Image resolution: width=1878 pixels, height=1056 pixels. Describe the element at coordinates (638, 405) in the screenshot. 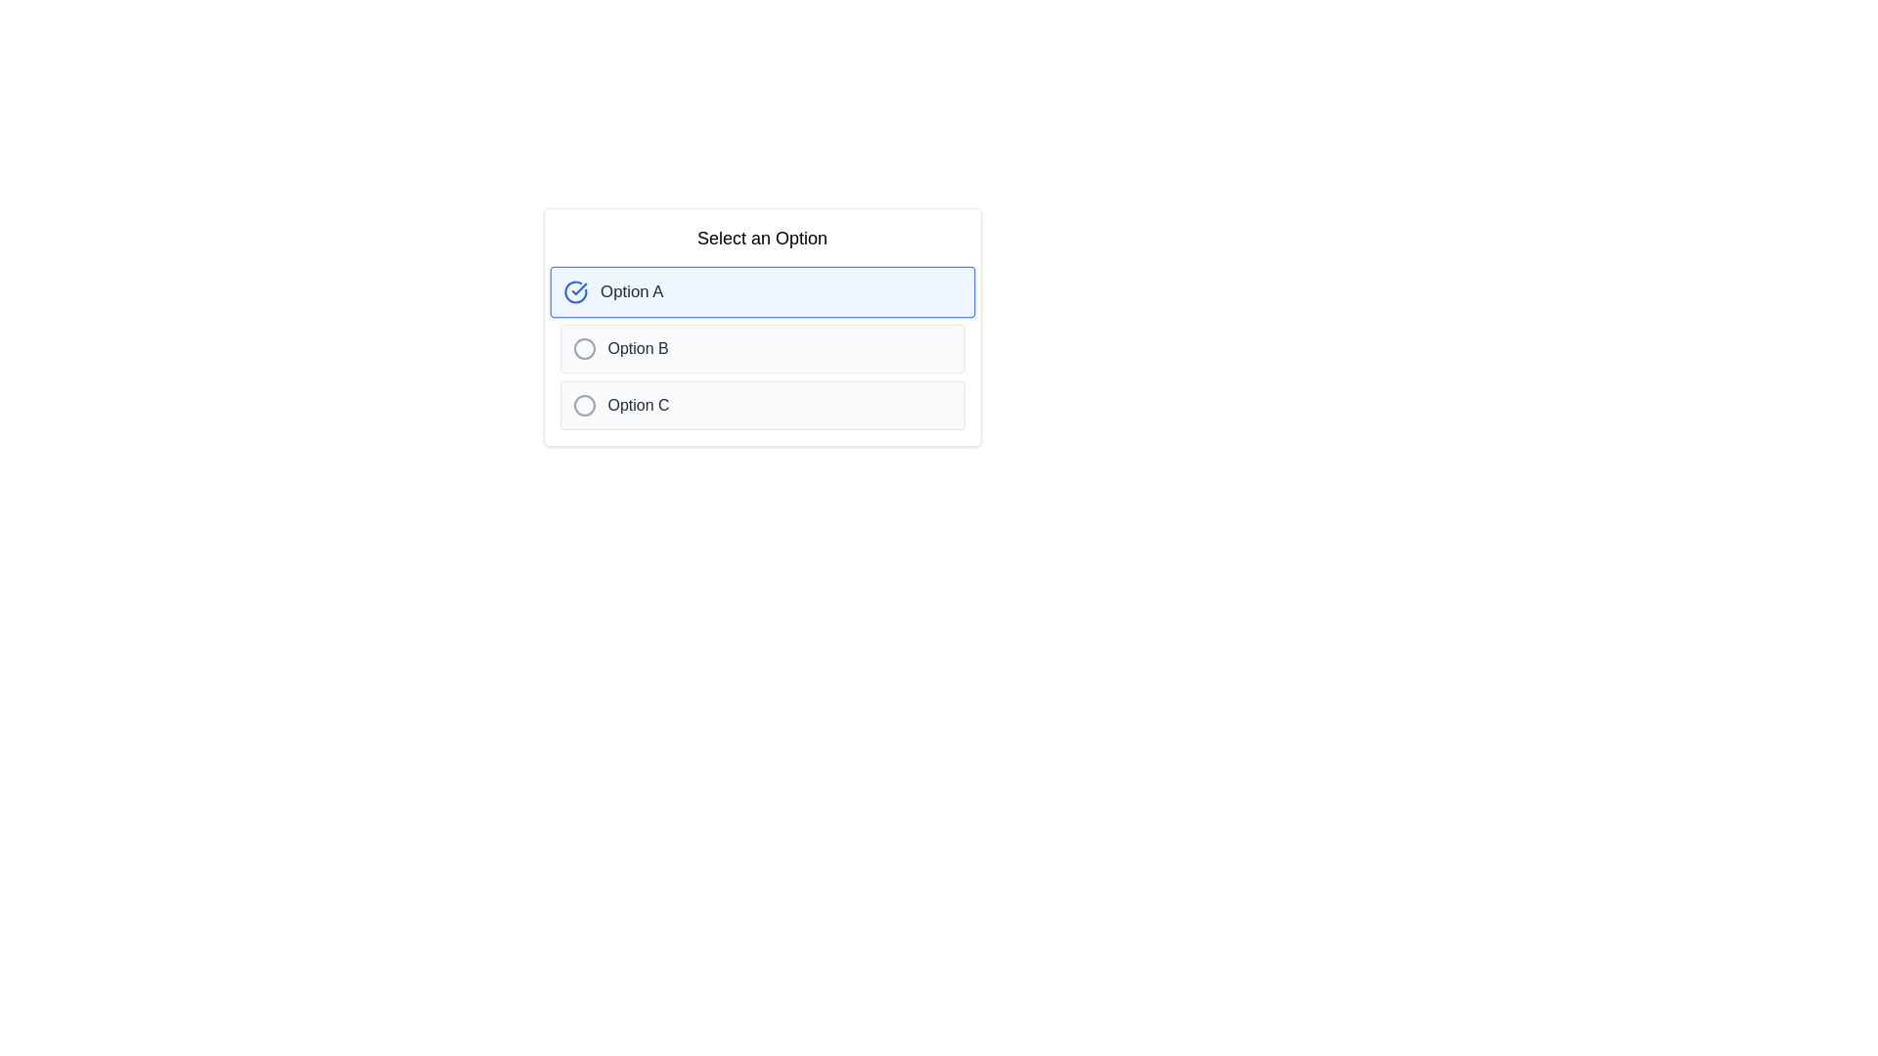

I see `text label displaying 'Option C' which is styled in gray color and medium-weight font, positioned on the right side of a circular selection indicator` at that location.